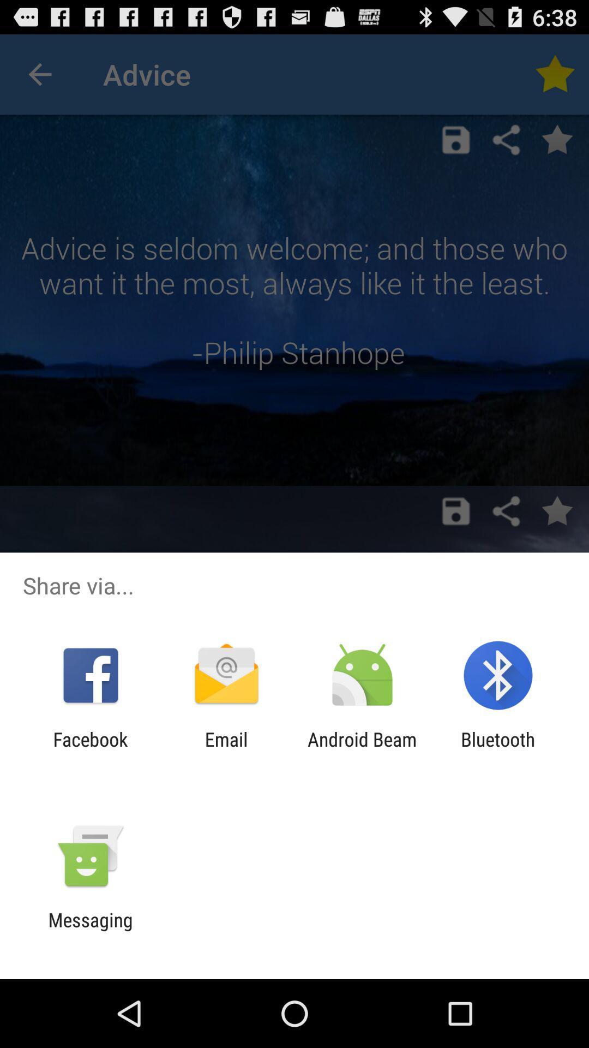 The height and width of the screenshot is (1048, 589). Describe the element at coordinates (90, 750) in the screenshot. I see `the item next to the email app` at that location.